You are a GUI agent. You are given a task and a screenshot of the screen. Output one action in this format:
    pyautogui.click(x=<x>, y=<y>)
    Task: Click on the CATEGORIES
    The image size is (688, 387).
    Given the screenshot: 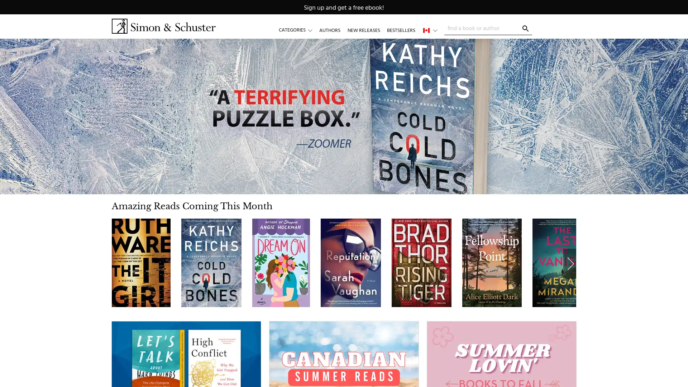 What is the action you would take?
    pyautogui.click(x=299, y=30)
    